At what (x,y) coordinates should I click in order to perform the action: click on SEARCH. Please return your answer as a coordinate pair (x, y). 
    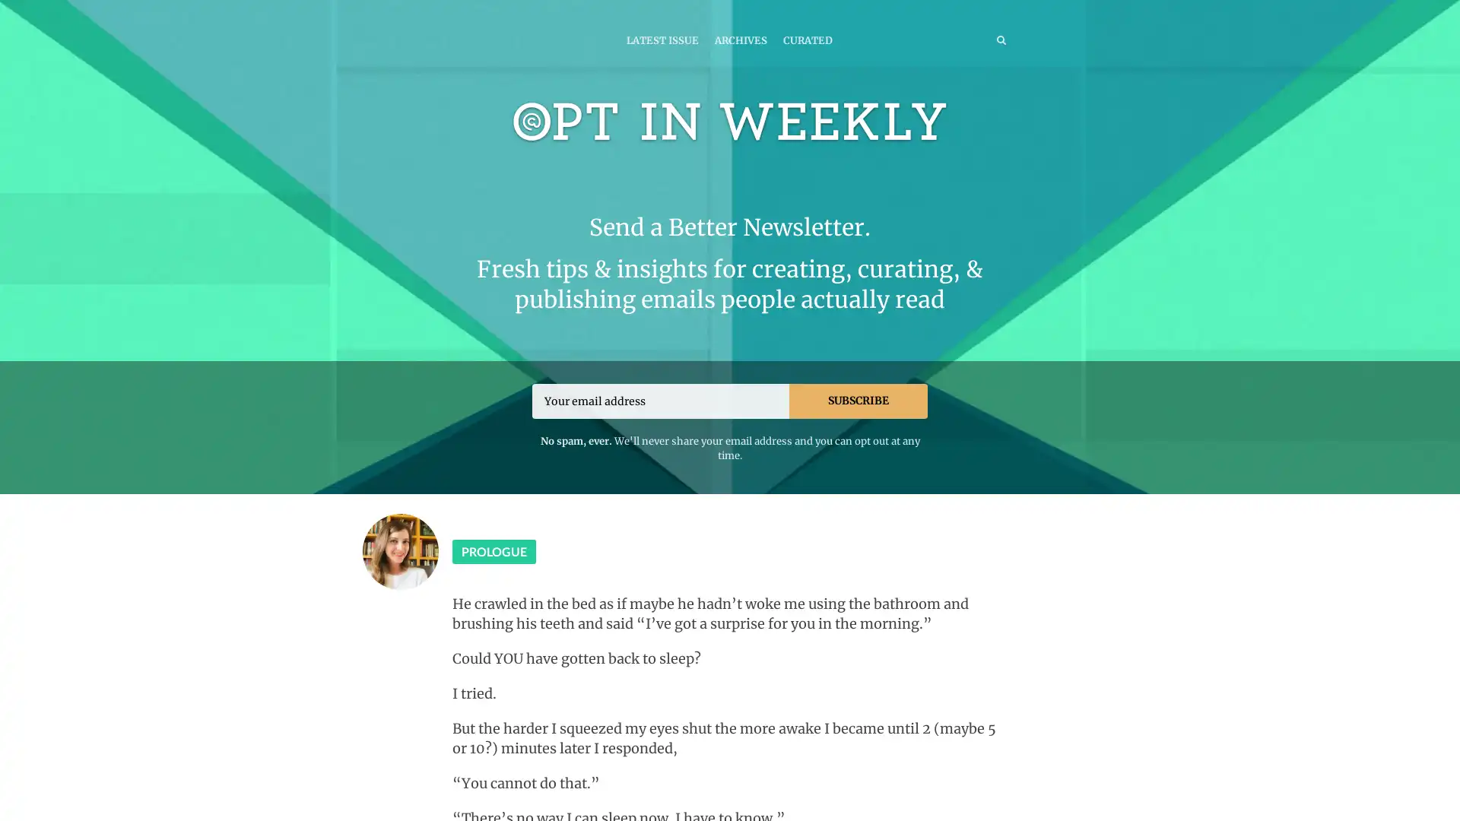
    Looking at the image, I should click on (969, 39).